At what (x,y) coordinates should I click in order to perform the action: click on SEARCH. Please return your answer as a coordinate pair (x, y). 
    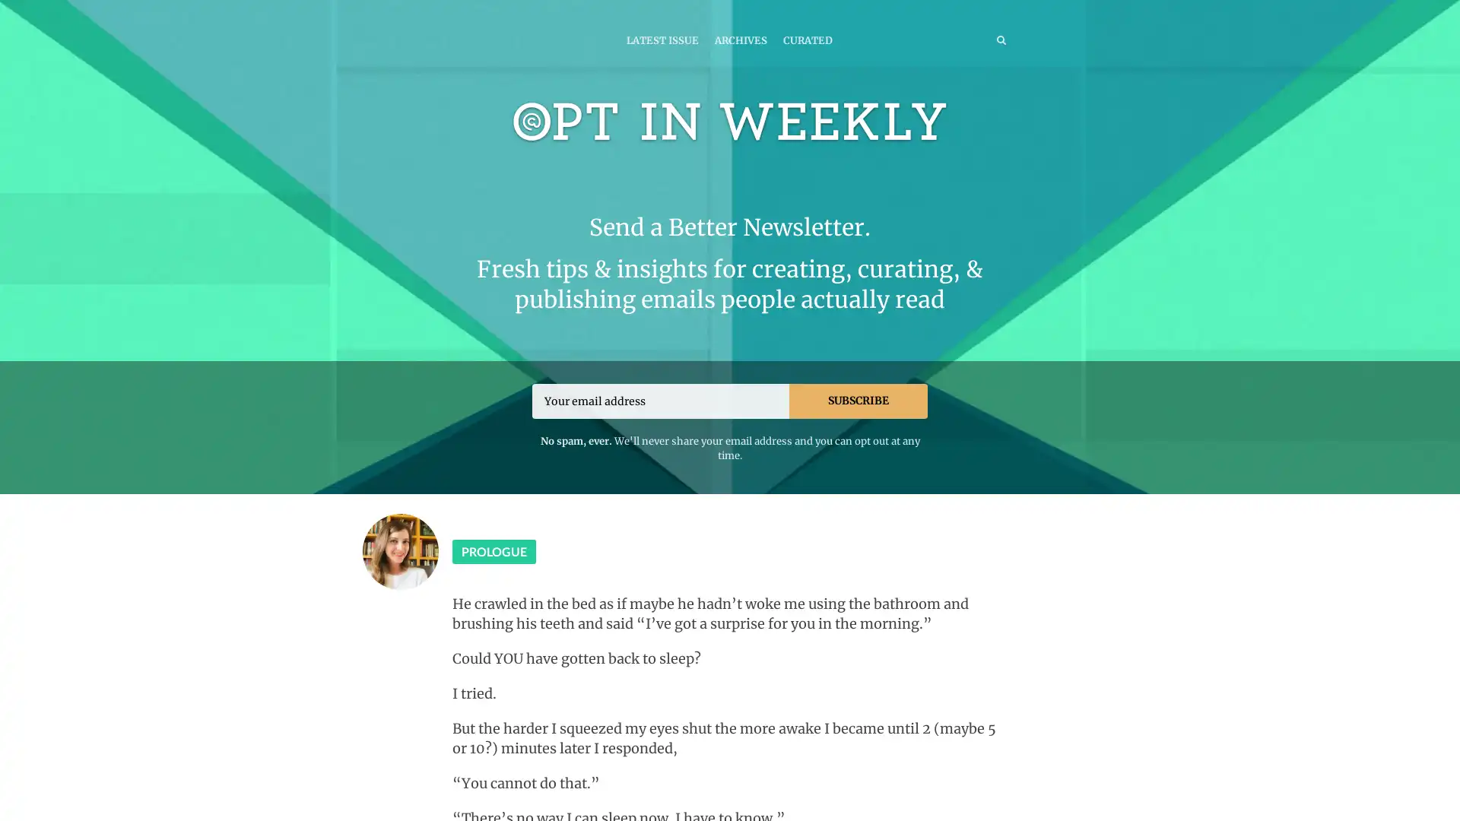
    Looking at the image, I should click on (969, 39).